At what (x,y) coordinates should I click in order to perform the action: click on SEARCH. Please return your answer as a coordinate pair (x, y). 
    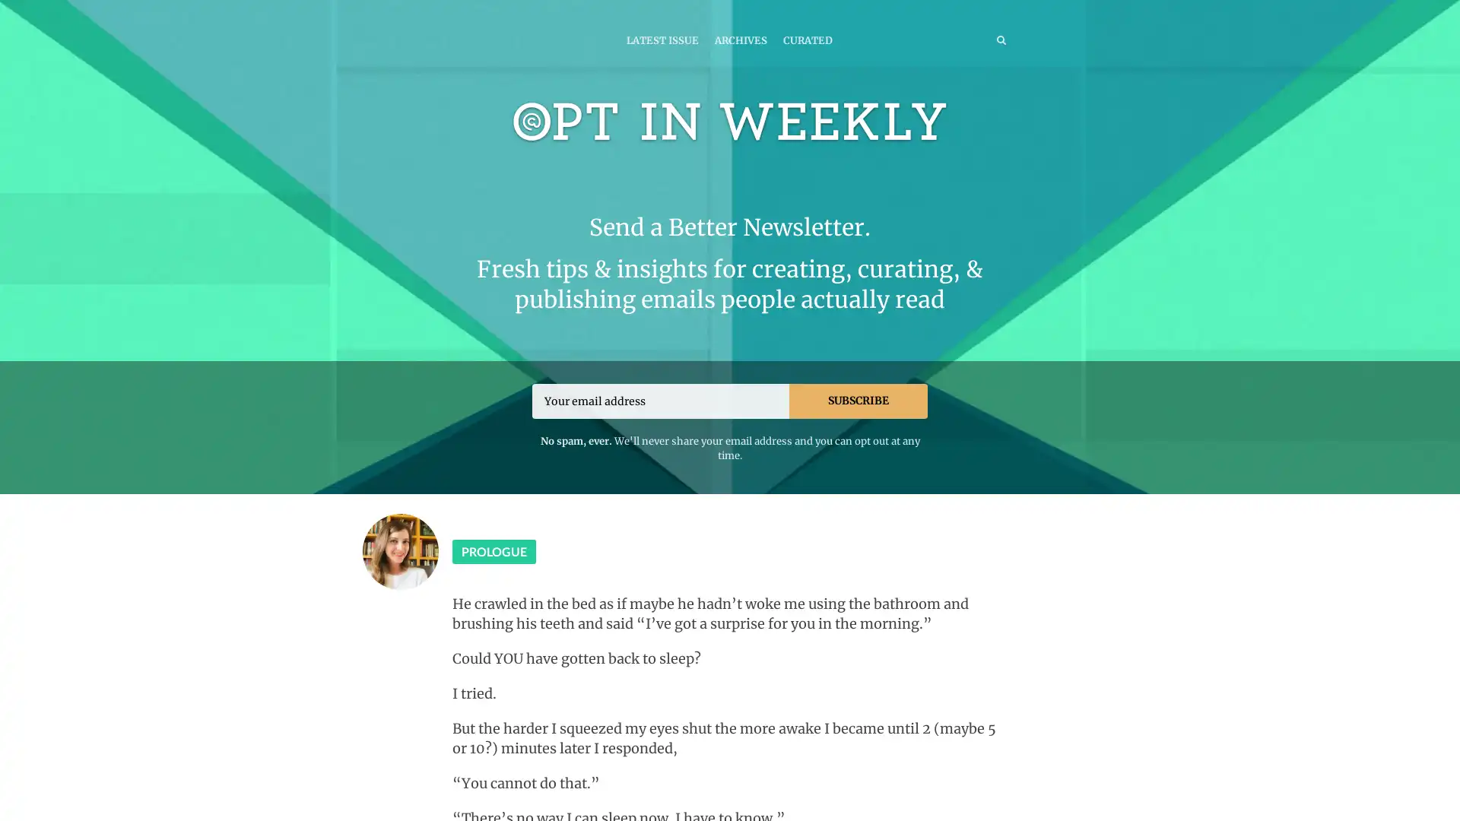
    Looking at the image, I should click on (969, 39).